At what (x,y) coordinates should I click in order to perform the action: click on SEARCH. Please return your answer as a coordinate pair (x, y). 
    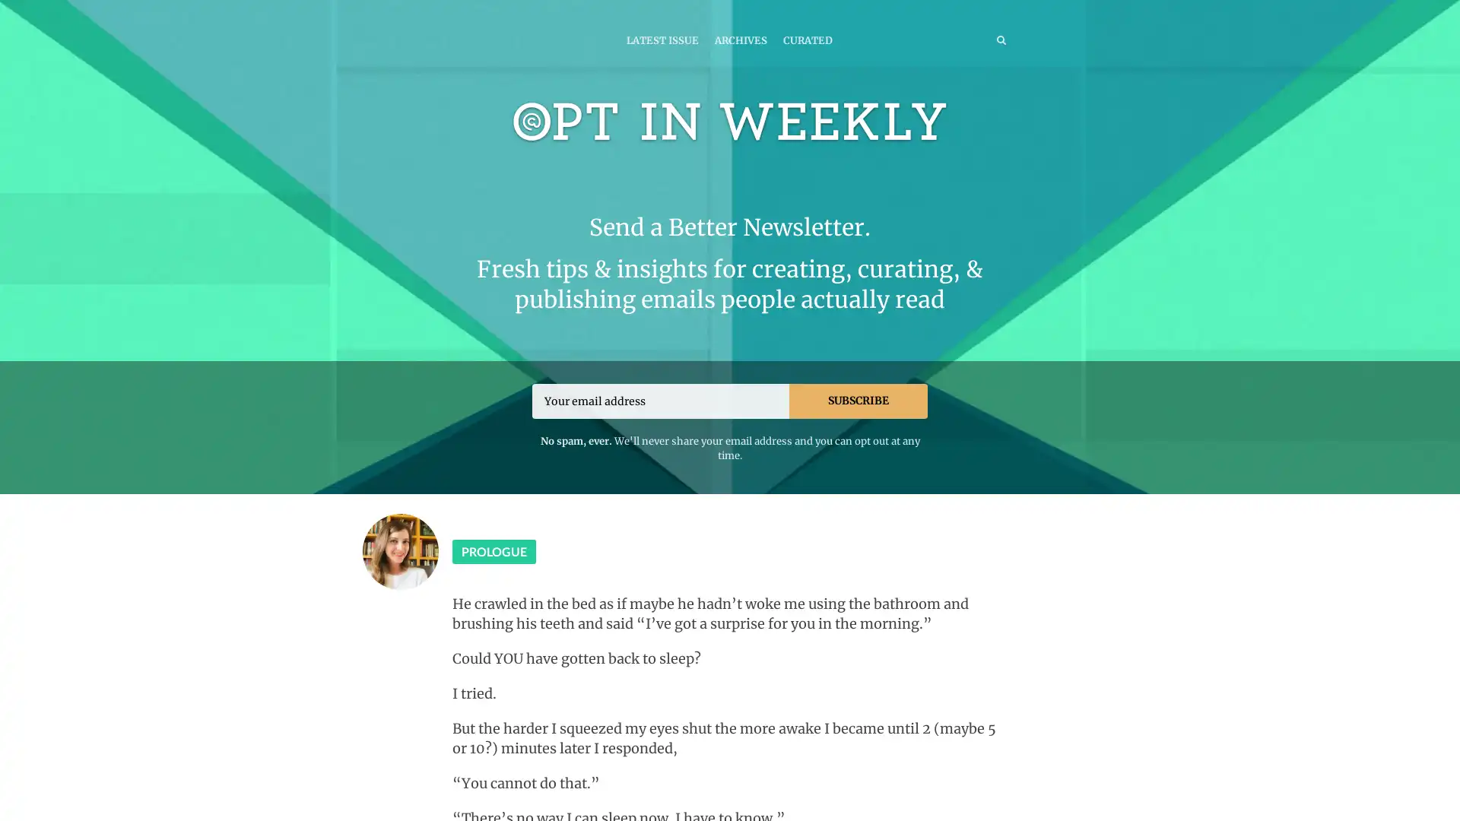
    Looking at the image, I should click on (969, 39).